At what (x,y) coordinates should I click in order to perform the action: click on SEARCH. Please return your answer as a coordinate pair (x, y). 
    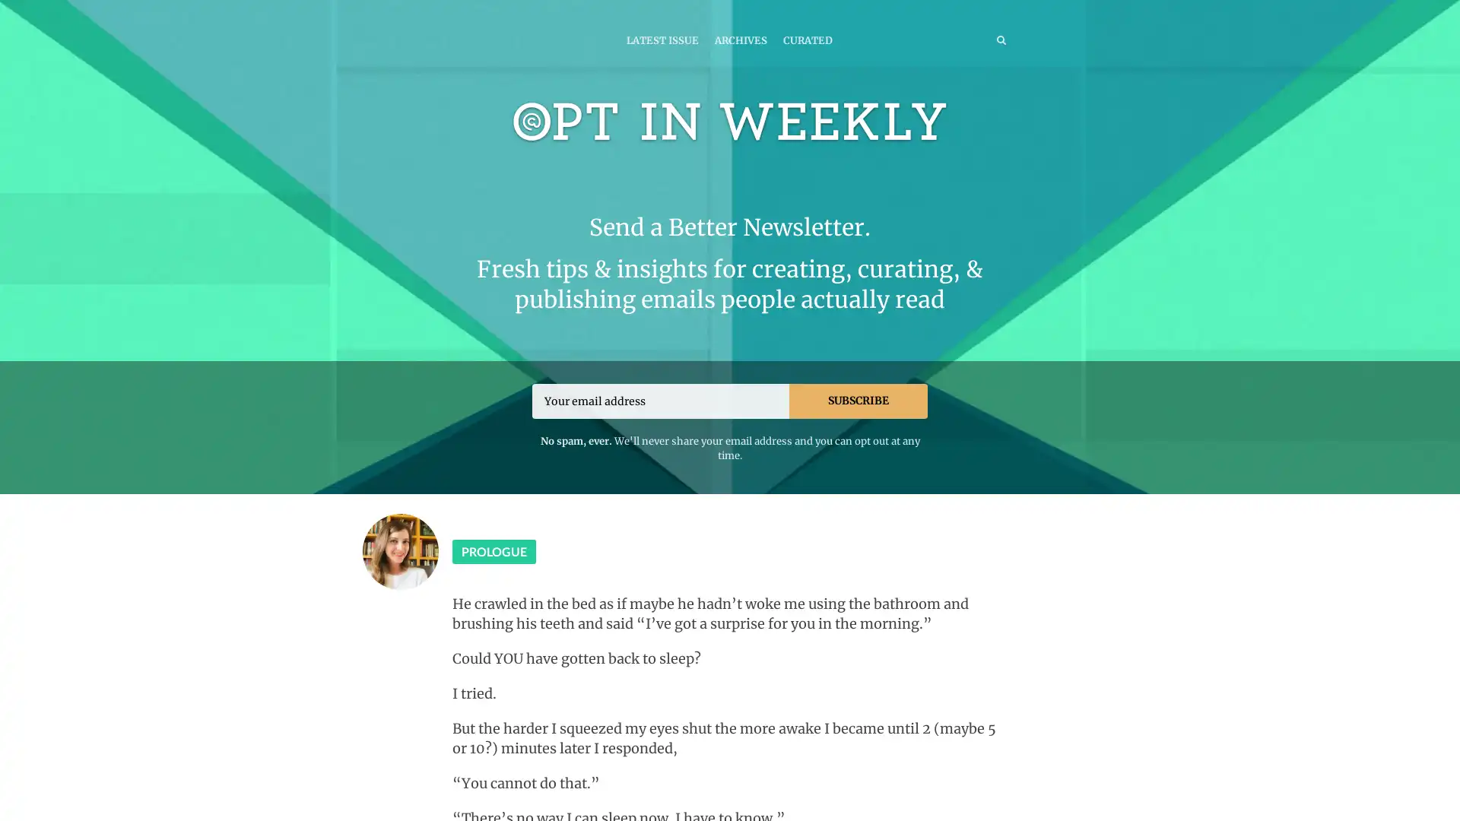
    Looking at the image, I should click on (969, 39).